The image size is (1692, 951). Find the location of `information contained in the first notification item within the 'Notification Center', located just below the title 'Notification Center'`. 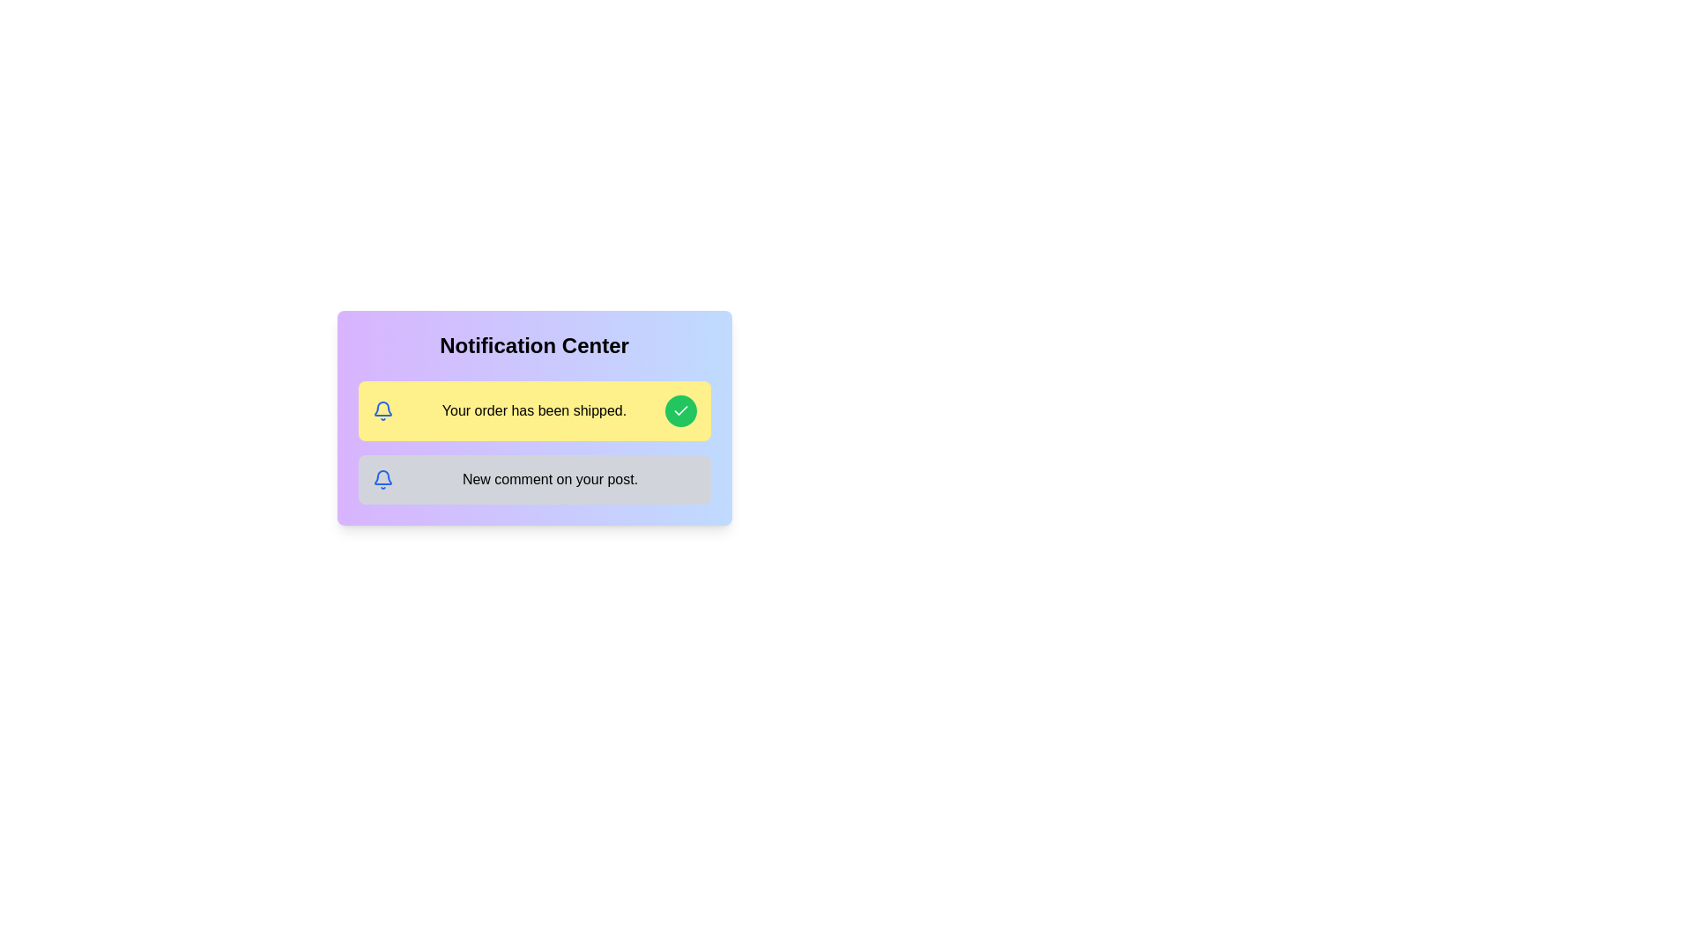

information contained in the first notification item within the 'Notification Center', located just below the title 'Notification Center' is located at coordinates (533, 417).